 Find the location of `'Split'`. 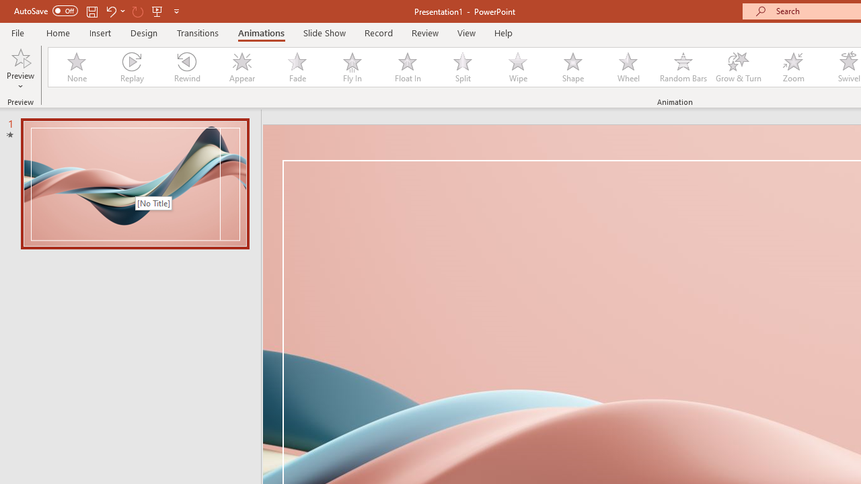

'Split' is located at coordinates (463, 67).